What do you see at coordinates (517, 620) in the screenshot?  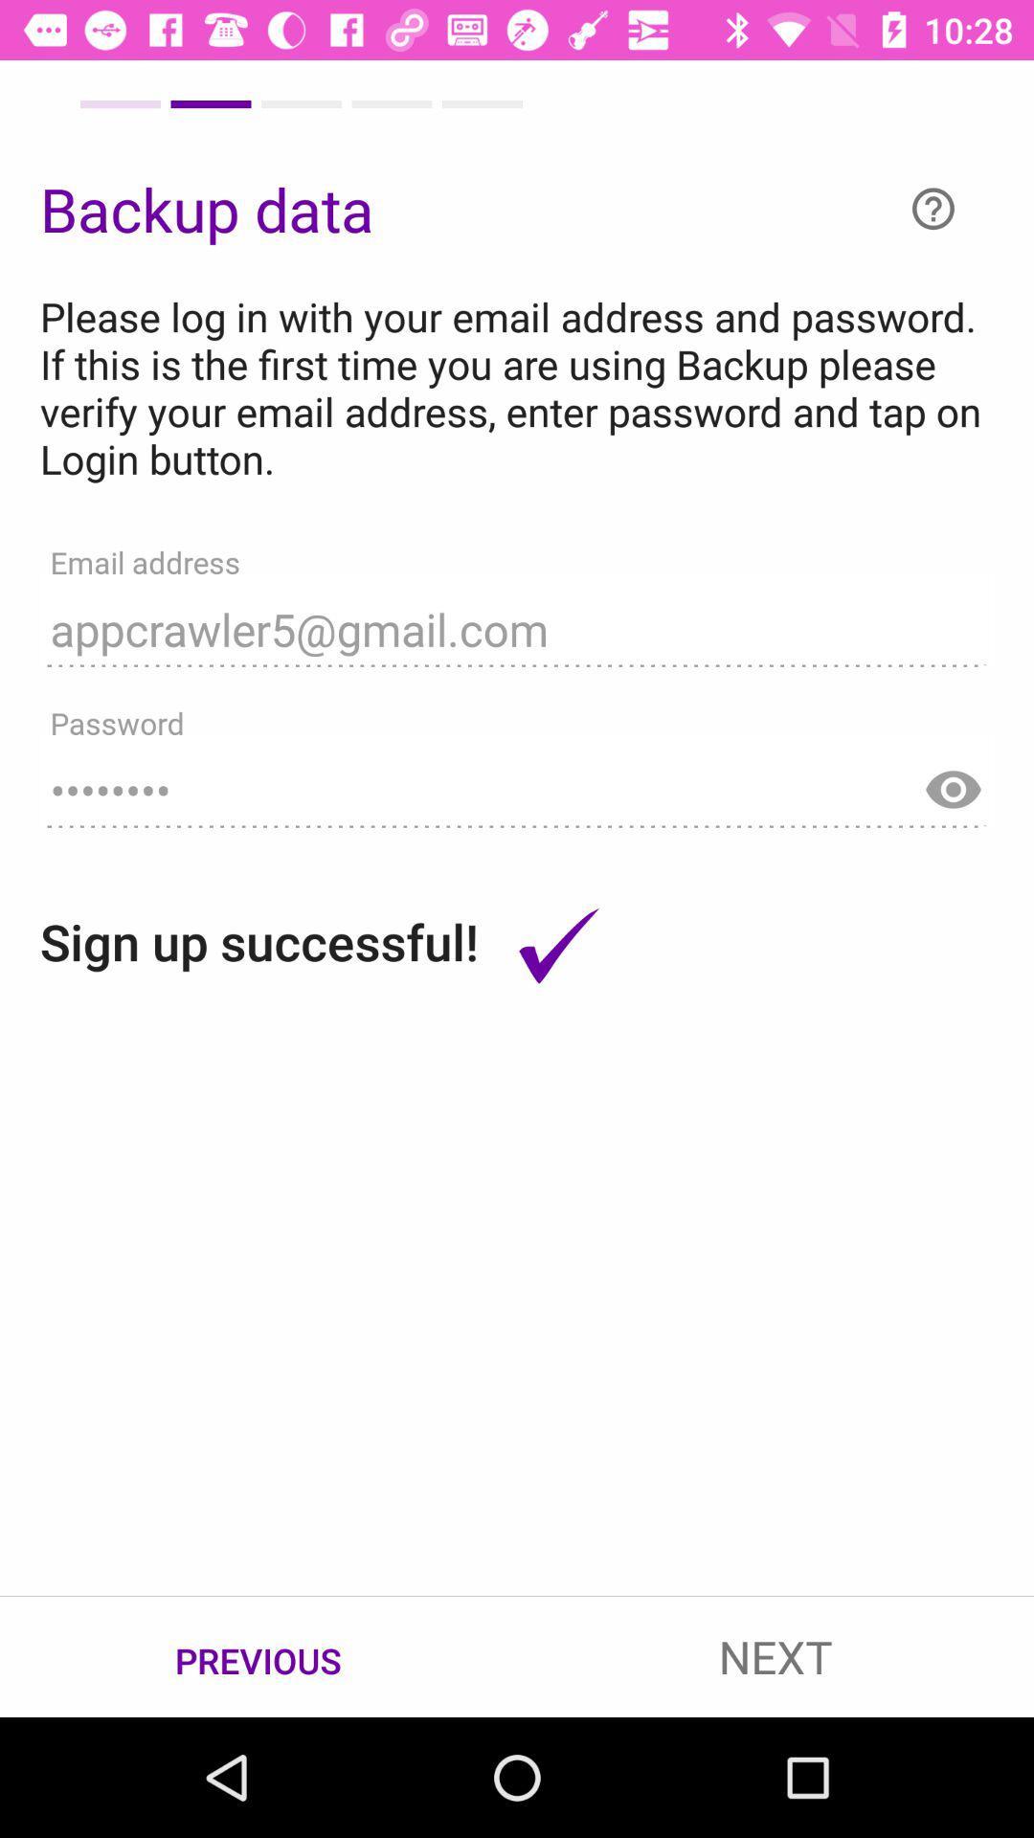 I see `the item below the please log in item` at bounding box center [517, 620].